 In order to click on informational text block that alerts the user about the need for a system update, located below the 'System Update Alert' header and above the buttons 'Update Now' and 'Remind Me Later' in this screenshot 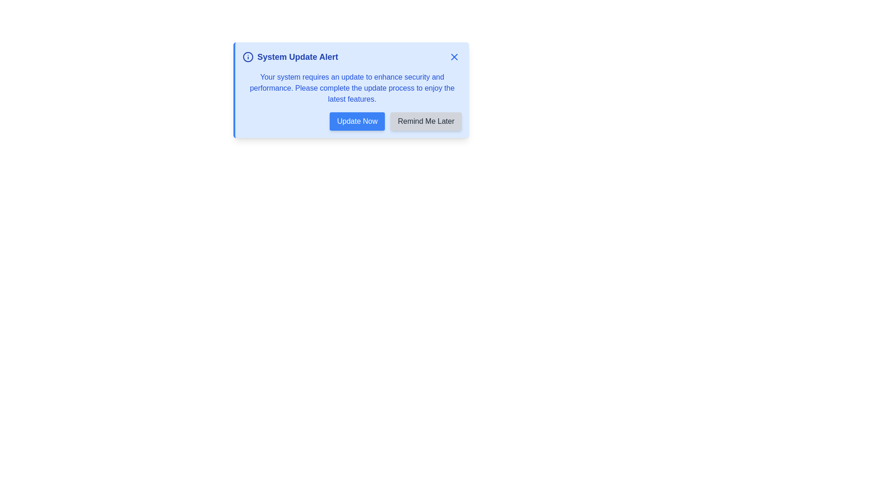, I will do `click(351, 88)`.